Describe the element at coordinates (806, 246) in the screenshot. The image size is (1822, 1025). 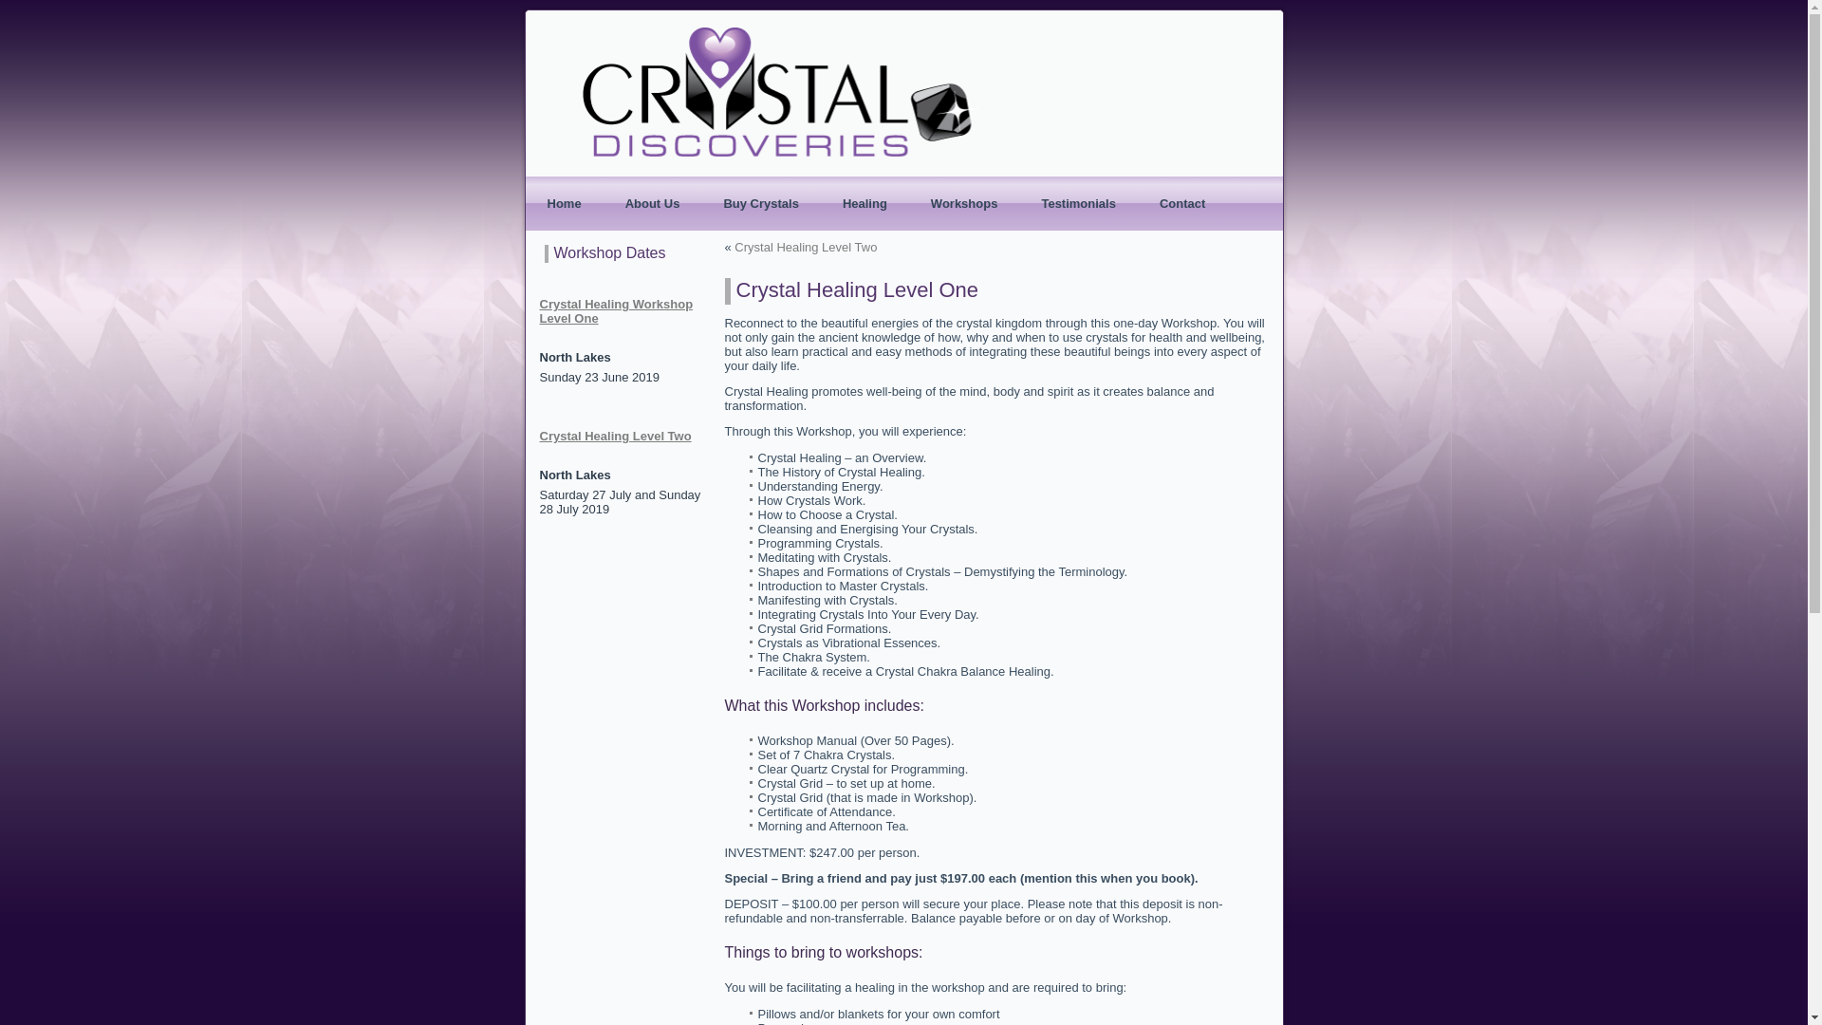
I see `'Crystal Healing Level Two'` at that location.